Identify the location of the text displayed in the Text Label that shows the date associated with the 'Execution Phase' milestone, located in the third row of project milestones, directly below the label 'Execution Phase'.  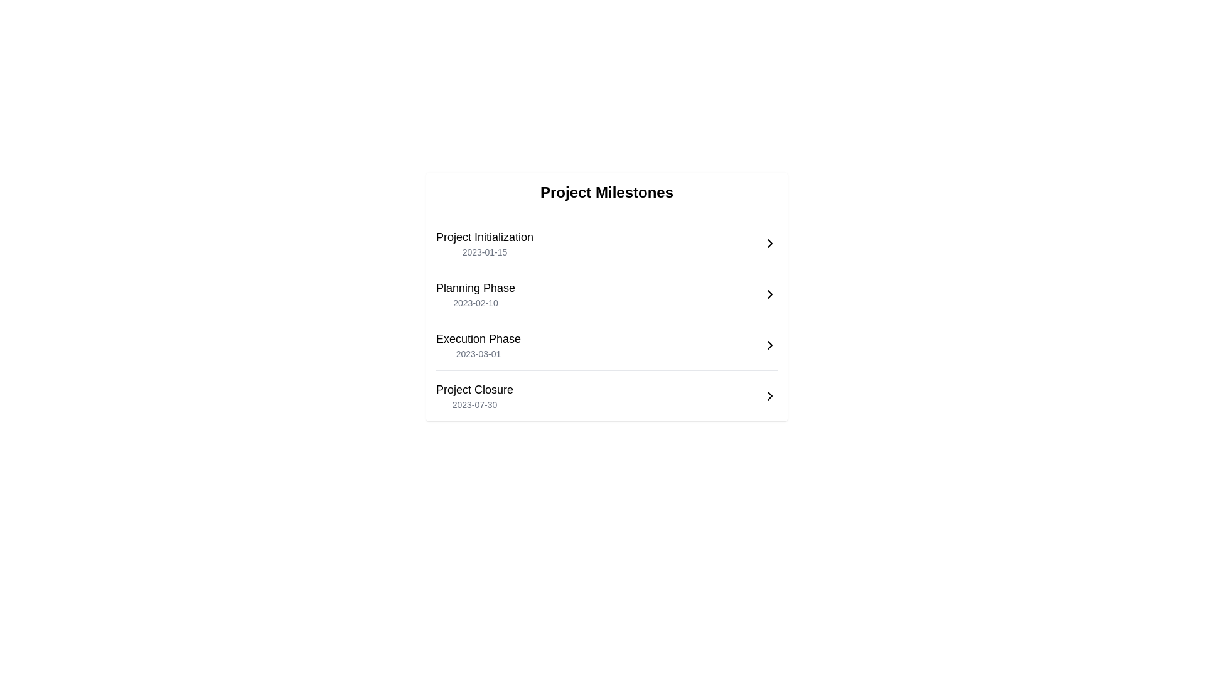
(478, 353).